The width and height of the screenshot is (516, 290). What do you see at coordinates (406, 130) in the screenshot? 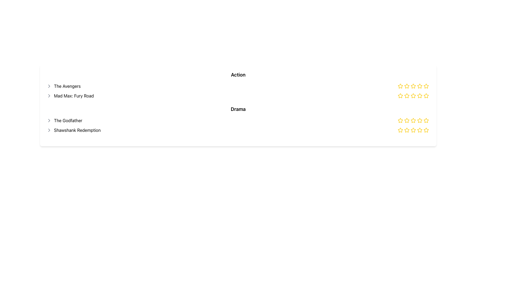
I see `the first star in the third row of rating stars for the item 'Shawshank Redemption' in the 'Drama' section to provide a rating` at bounding box center [406, 130].